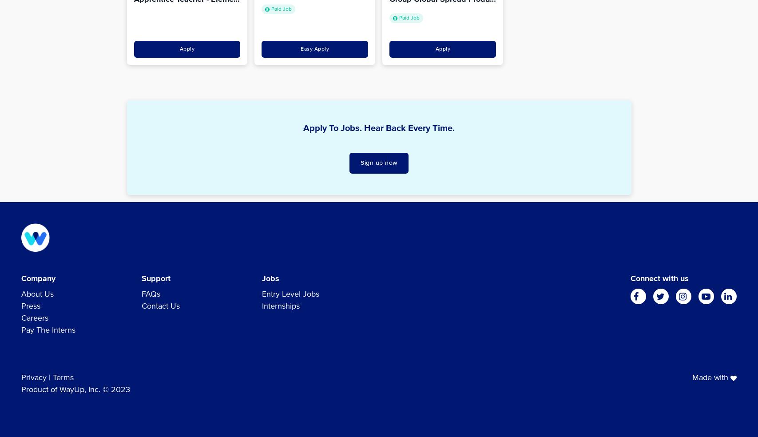 Image resolution: width=758 pixels, height=437 pixels. I want to click on 'Connect with us', so click(630, 278).